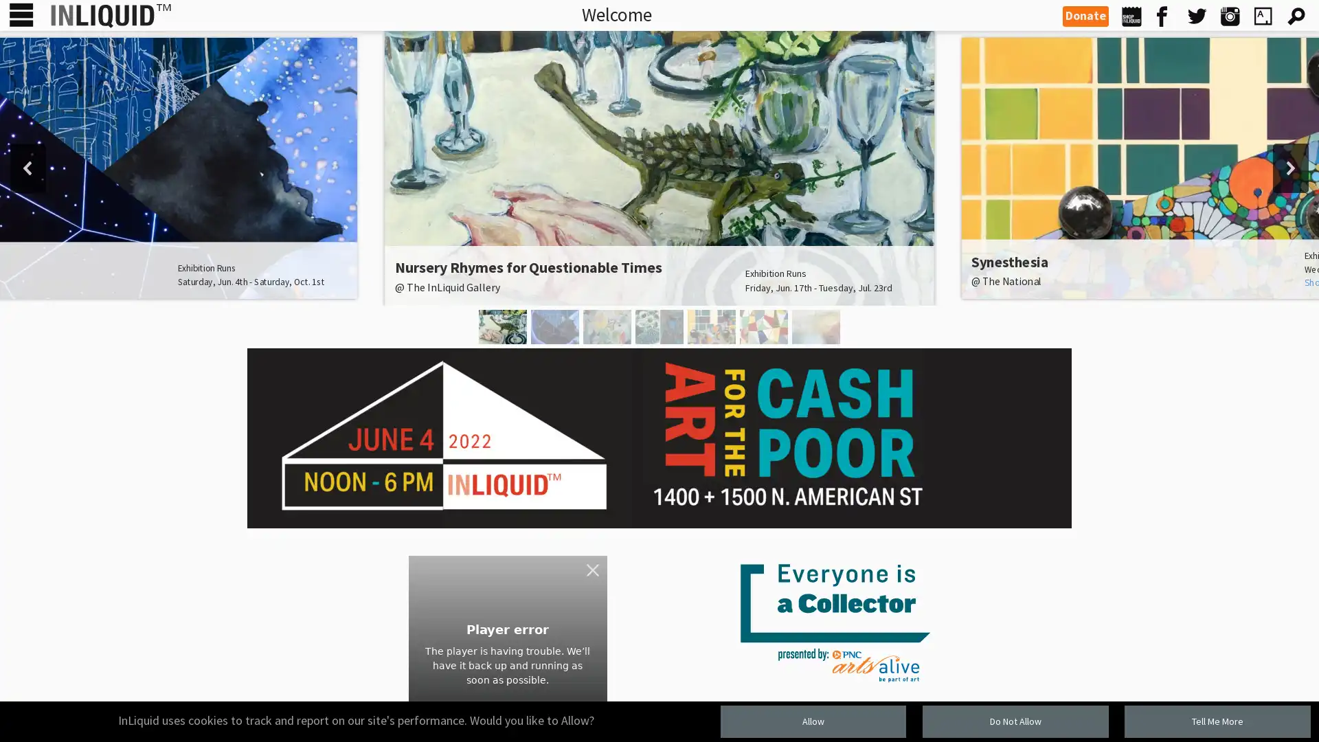 The image size is (1319, 742). I want to click on previous arrow, so click(28, 168).